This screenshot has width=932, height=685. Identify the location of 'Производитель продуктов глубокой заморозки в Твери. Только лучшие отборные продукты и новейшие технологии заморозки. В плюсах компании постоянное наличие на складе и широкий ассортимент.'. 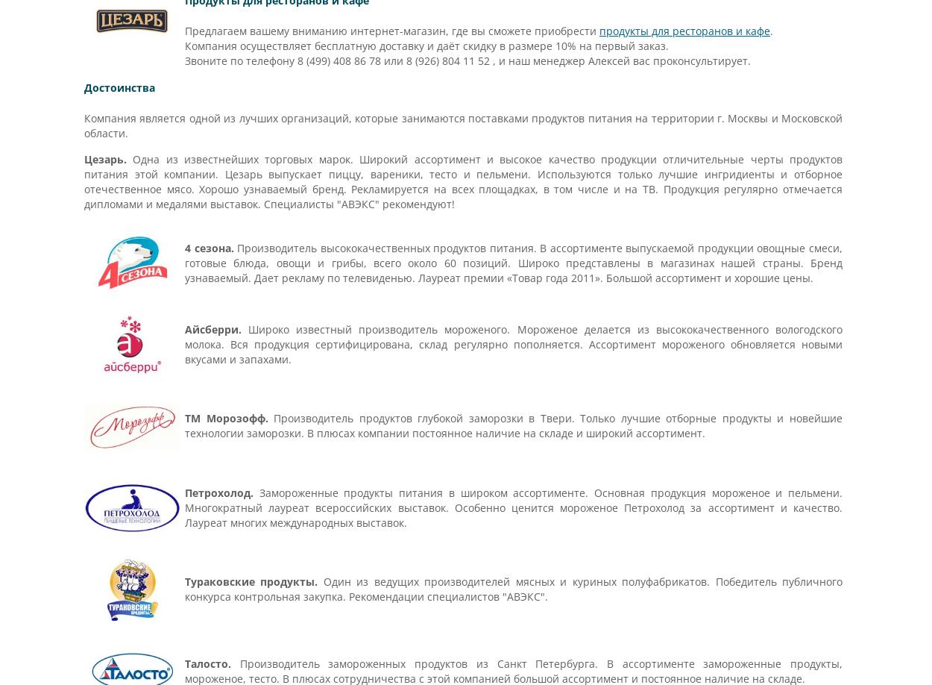
(513, 425).